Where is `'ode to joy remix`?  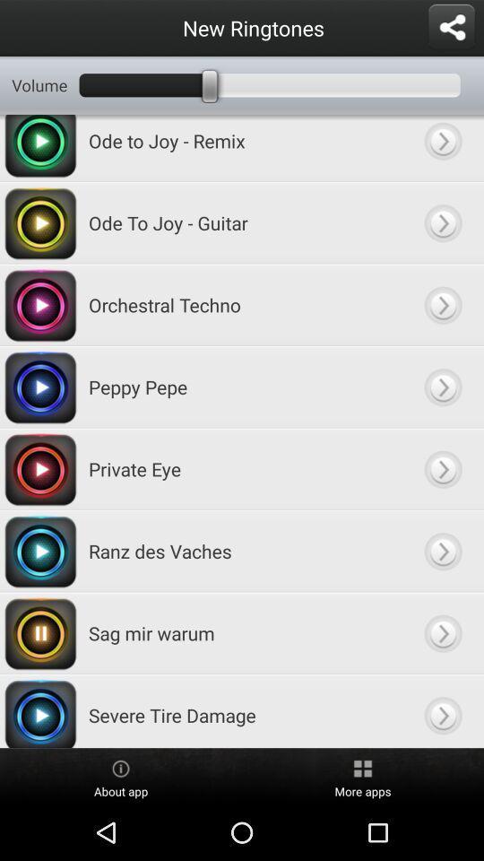 'ode to joy remix is located at coordinates (442, 147).